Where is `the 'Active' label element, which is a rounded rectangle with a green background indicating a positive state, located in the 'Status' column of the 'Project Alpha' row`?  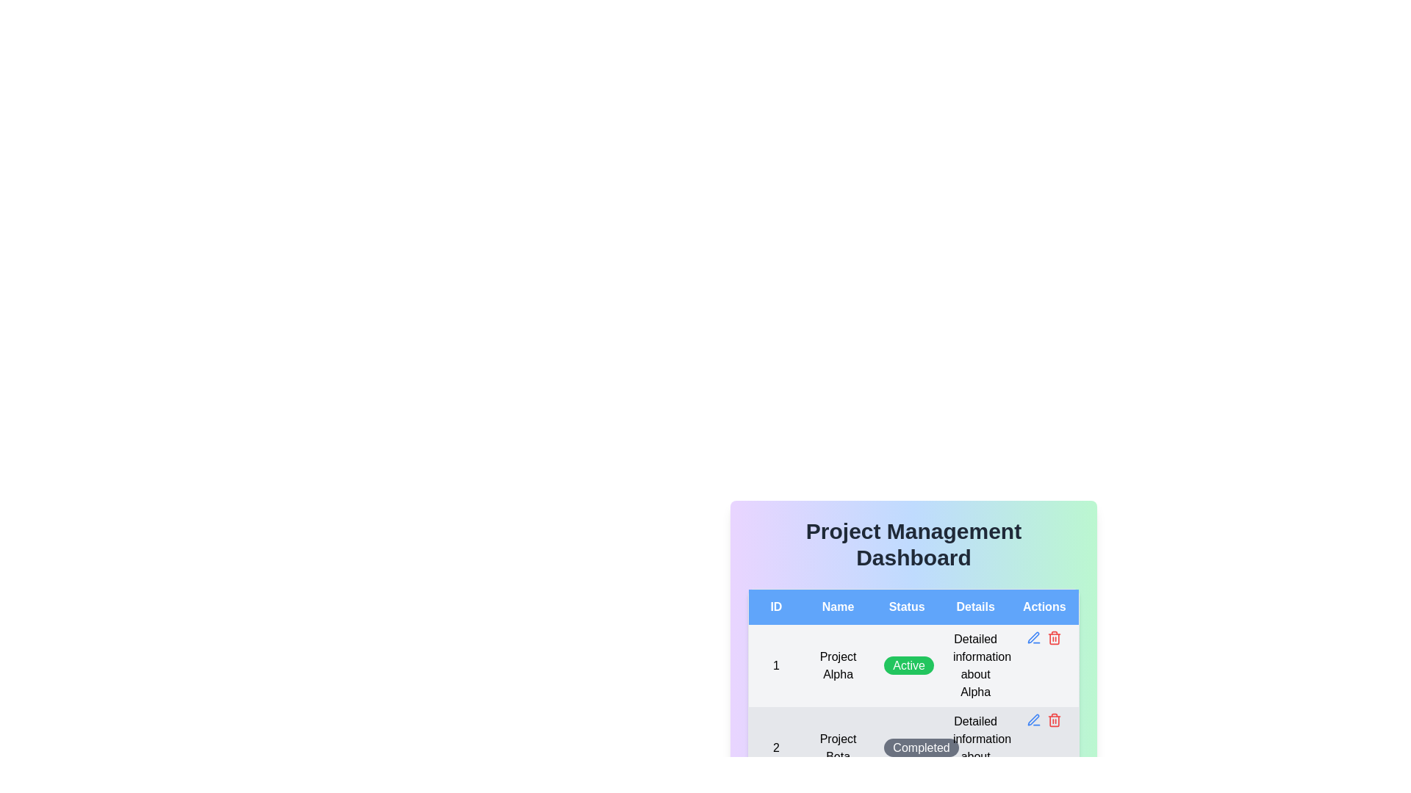 the 'Active' label element, which is a rounded rectangle with a green background indicating a positive state, located in the 'Status' column of the 'Project Alpha' row is located at coordinates (906, 665).